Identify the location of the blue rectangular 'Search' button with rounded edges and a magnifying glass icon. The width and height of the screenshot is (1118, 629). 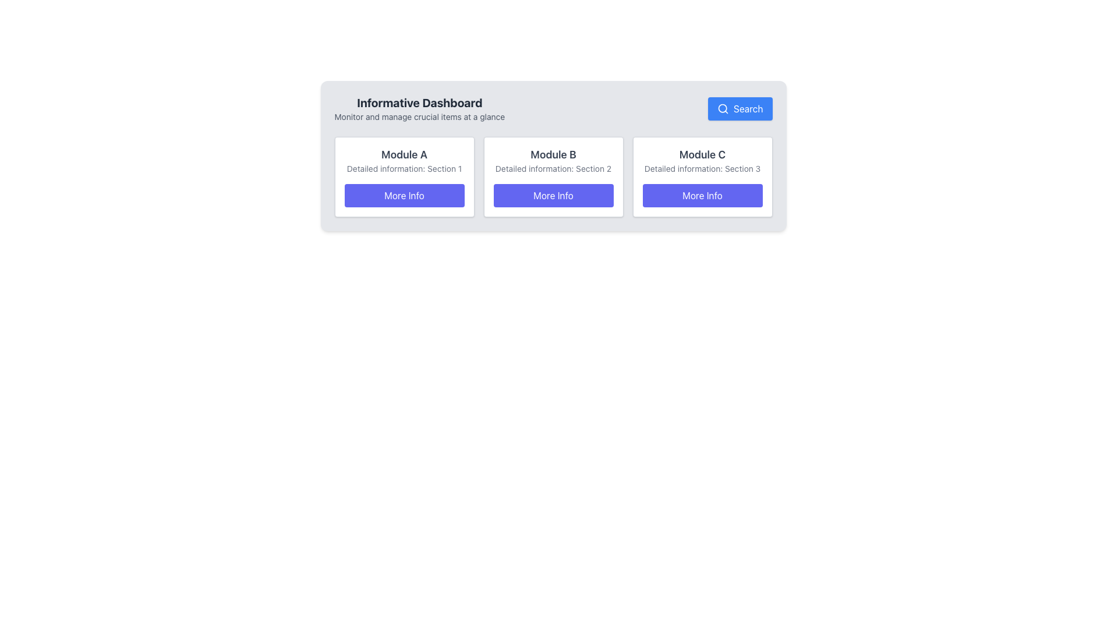
(740, 108).